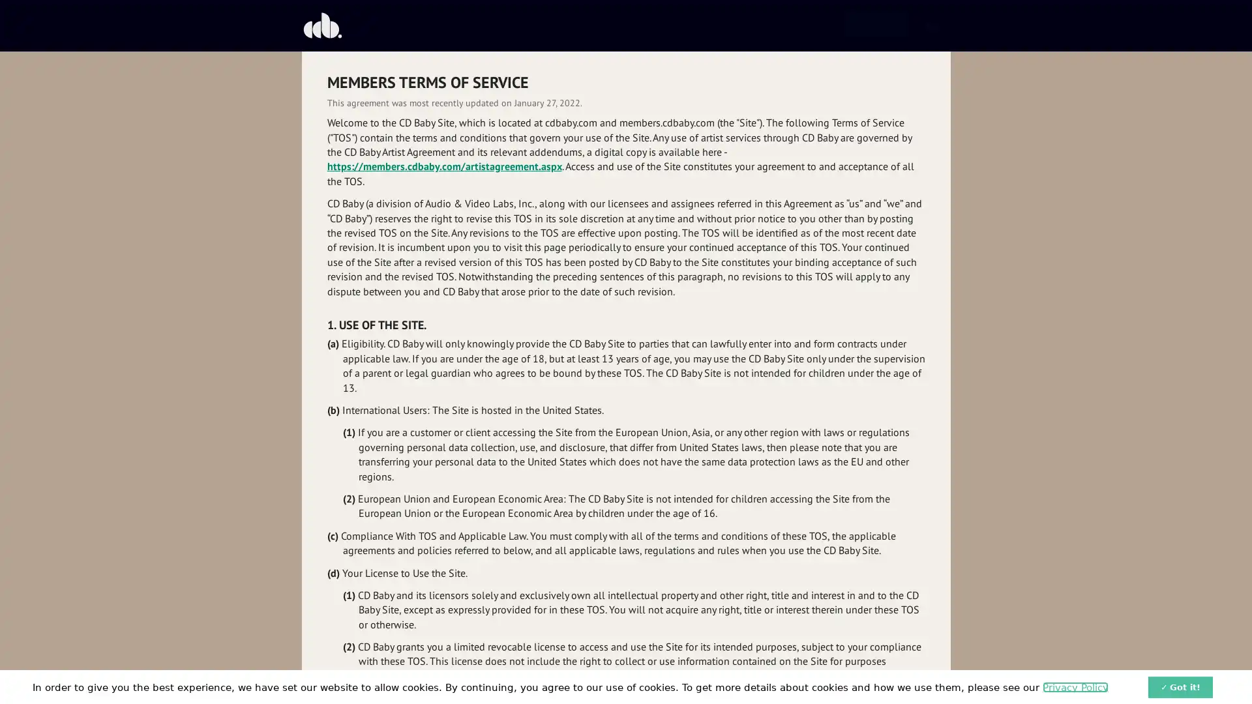 The width and height of the screenshot is (1252, 704). What do you see at coordinates (1180, 686) in the screenshot?
I see `Got it!` at bounding box center [1180, 686].